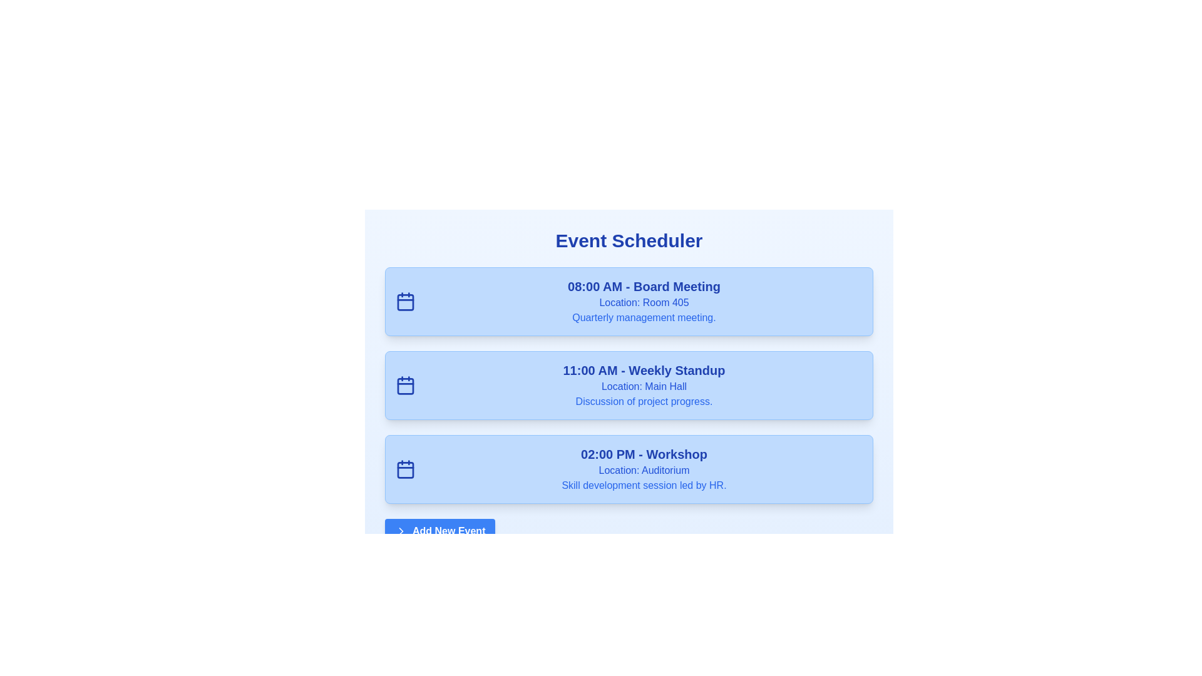 This screenshot has height=676, width=1202. Describe the element at coordinates (440, 531) in the screenshot. I see `the interactive button for adding new events to the scheduler` at that location.